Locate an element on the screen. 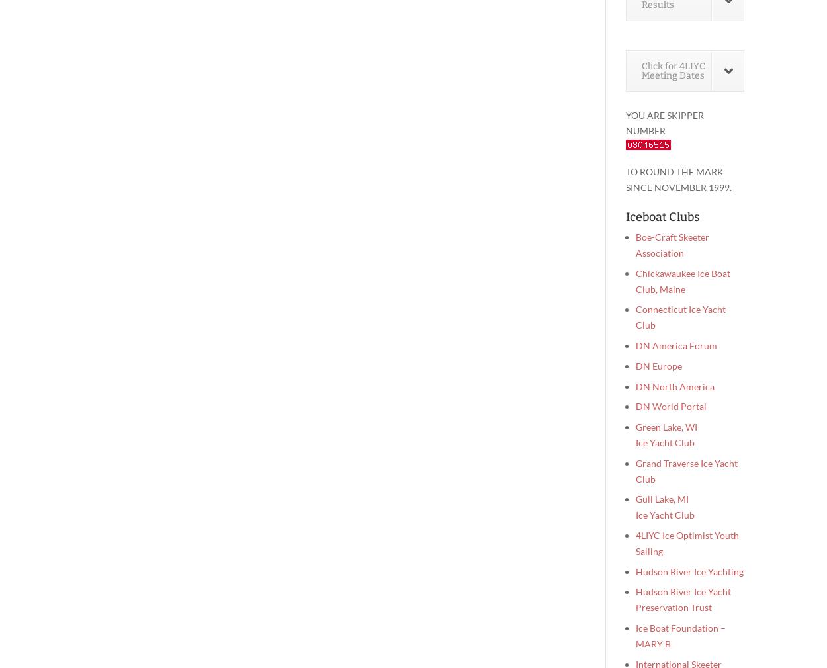 Image resolution: width=827 pixels, height=668 pixels. 'DN World Portal' is located at coordinates (671, 405).